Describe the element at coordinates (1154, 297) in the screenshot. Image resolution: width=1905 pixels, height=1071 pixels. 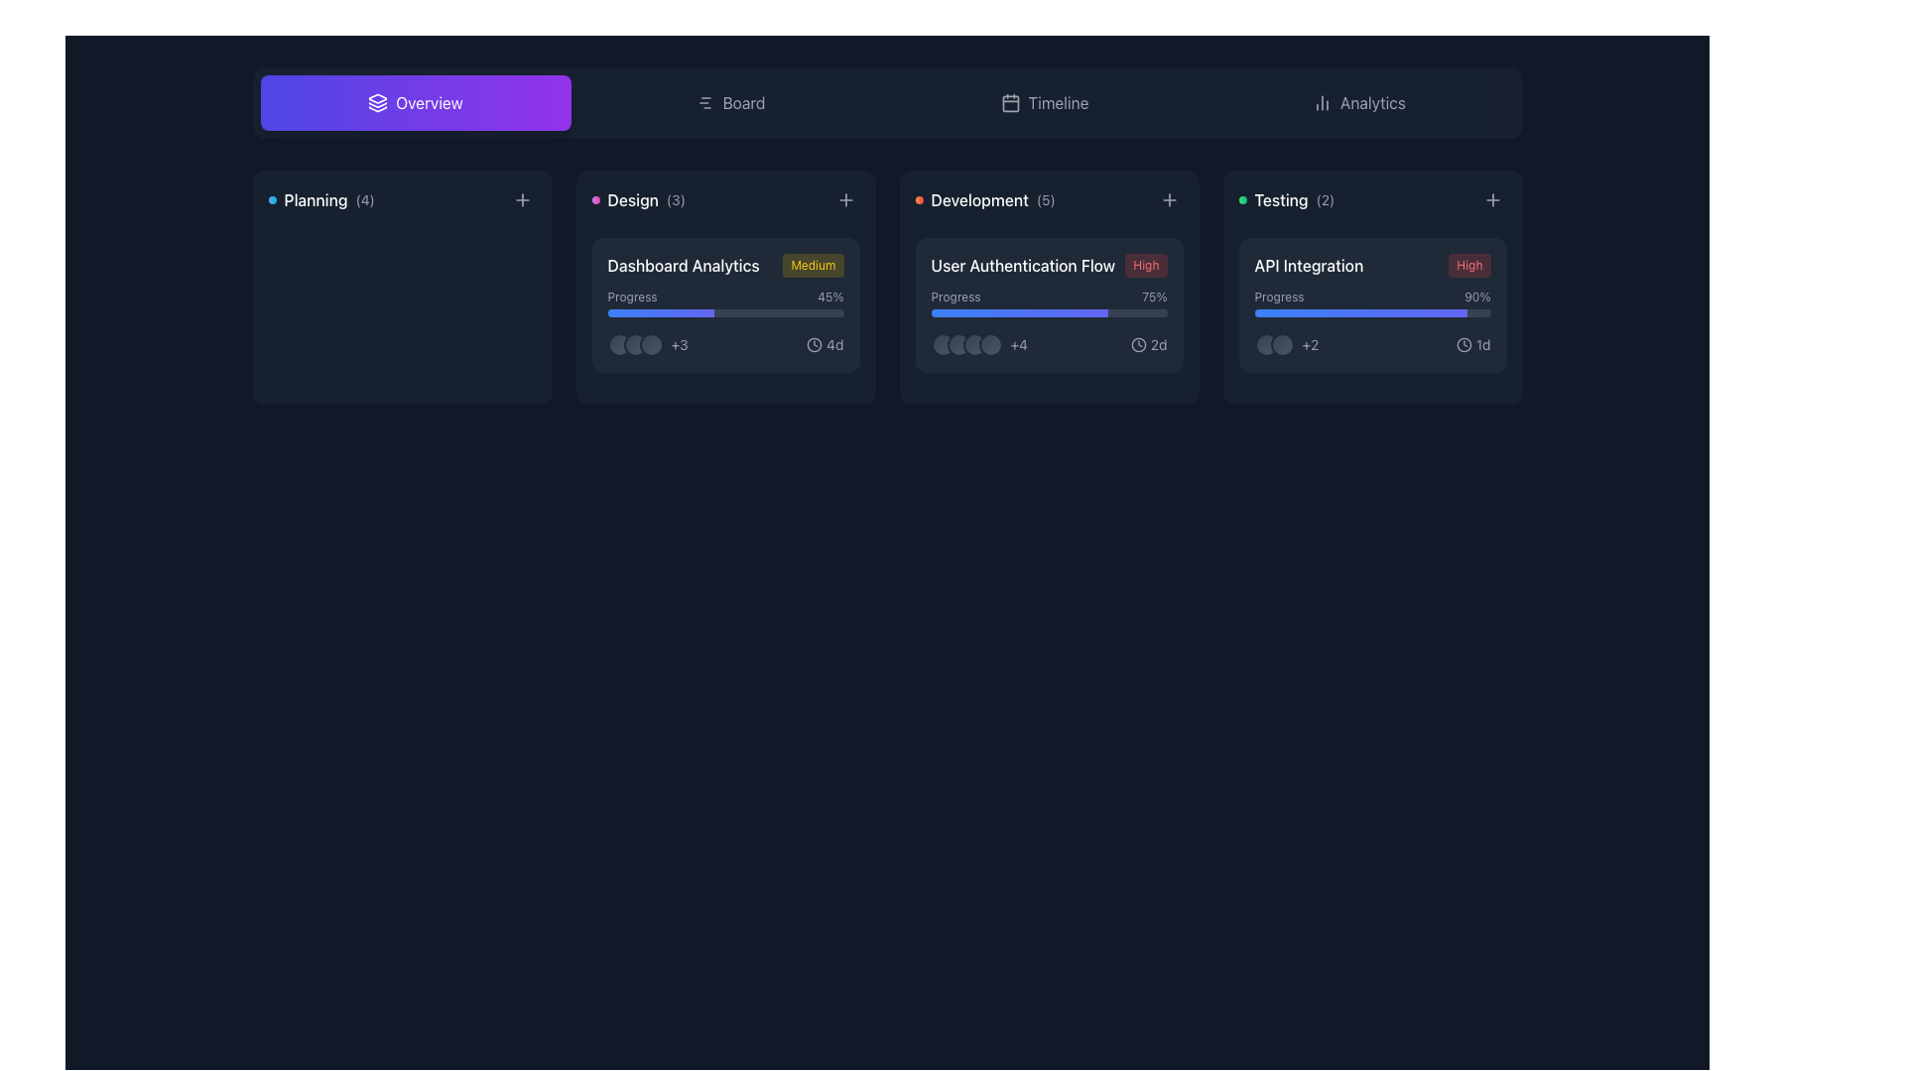
I see `value of the progress indicator label displaying '75%' located in the 'User Authentication Flow' card within the 'Development' section` at that location.